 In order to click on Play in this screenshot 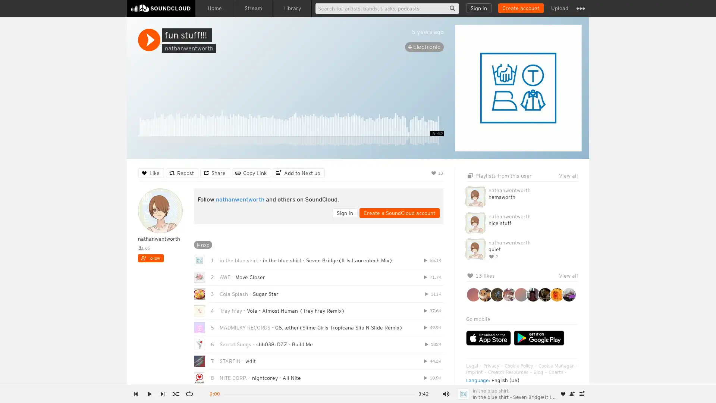, I will do `click(149, 40)`.